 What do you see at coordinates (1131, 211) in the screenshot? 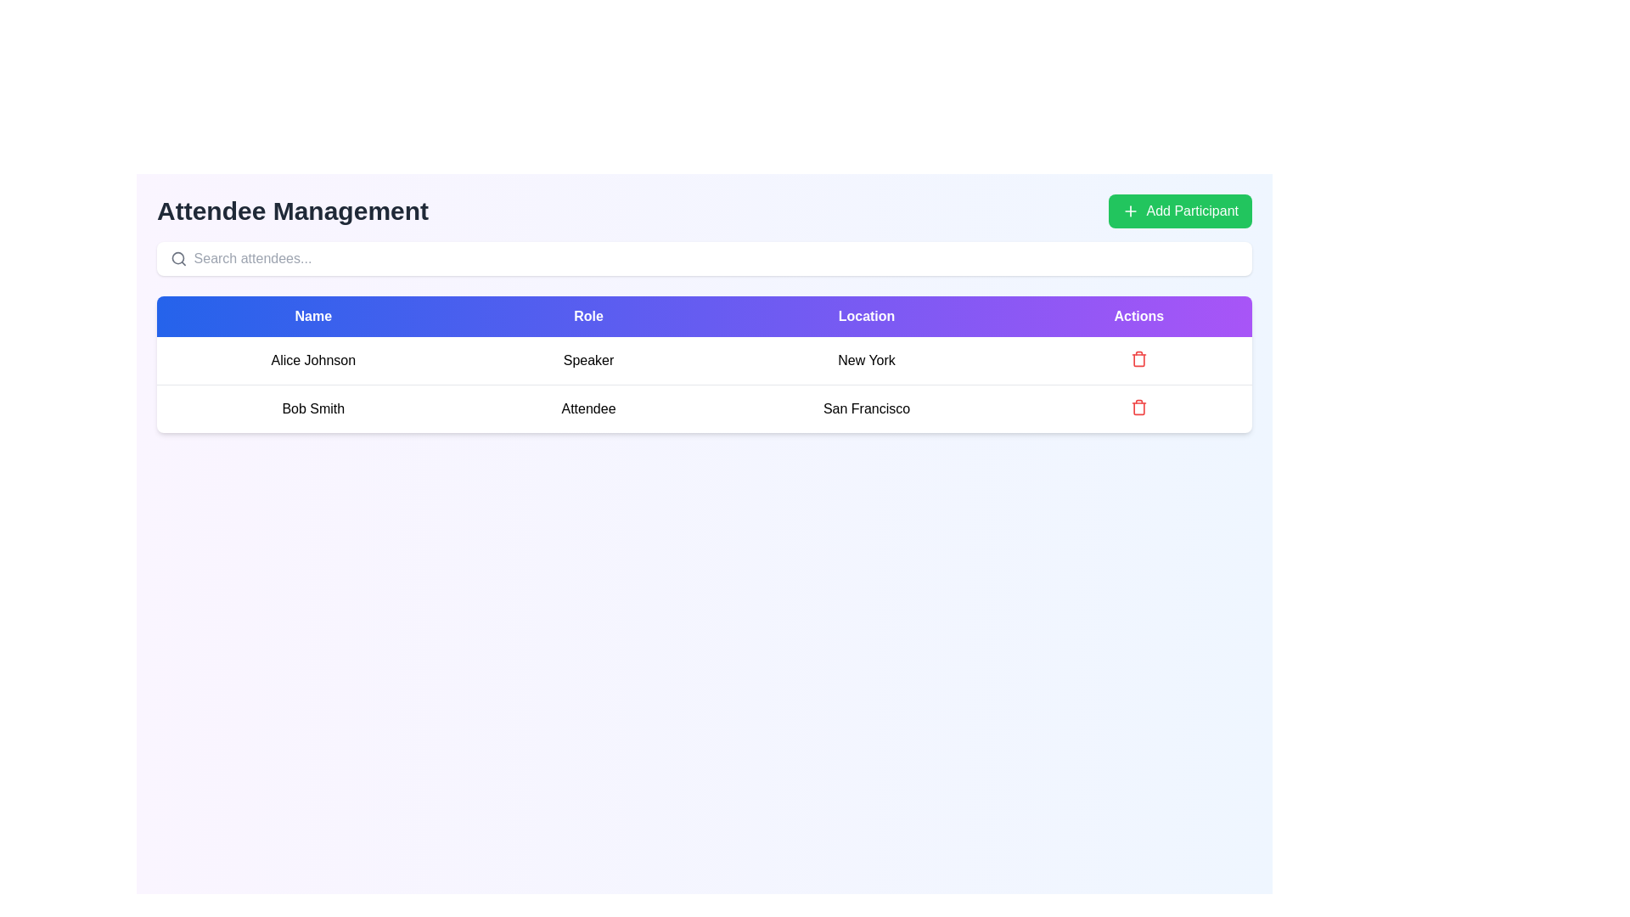
I see `the icon that visually indicates the action to add a participant, which is positioned to the left of the 'Add Participant' label text within a green button in the upper-right corner of the interface` at bounding box center [1131, 211].